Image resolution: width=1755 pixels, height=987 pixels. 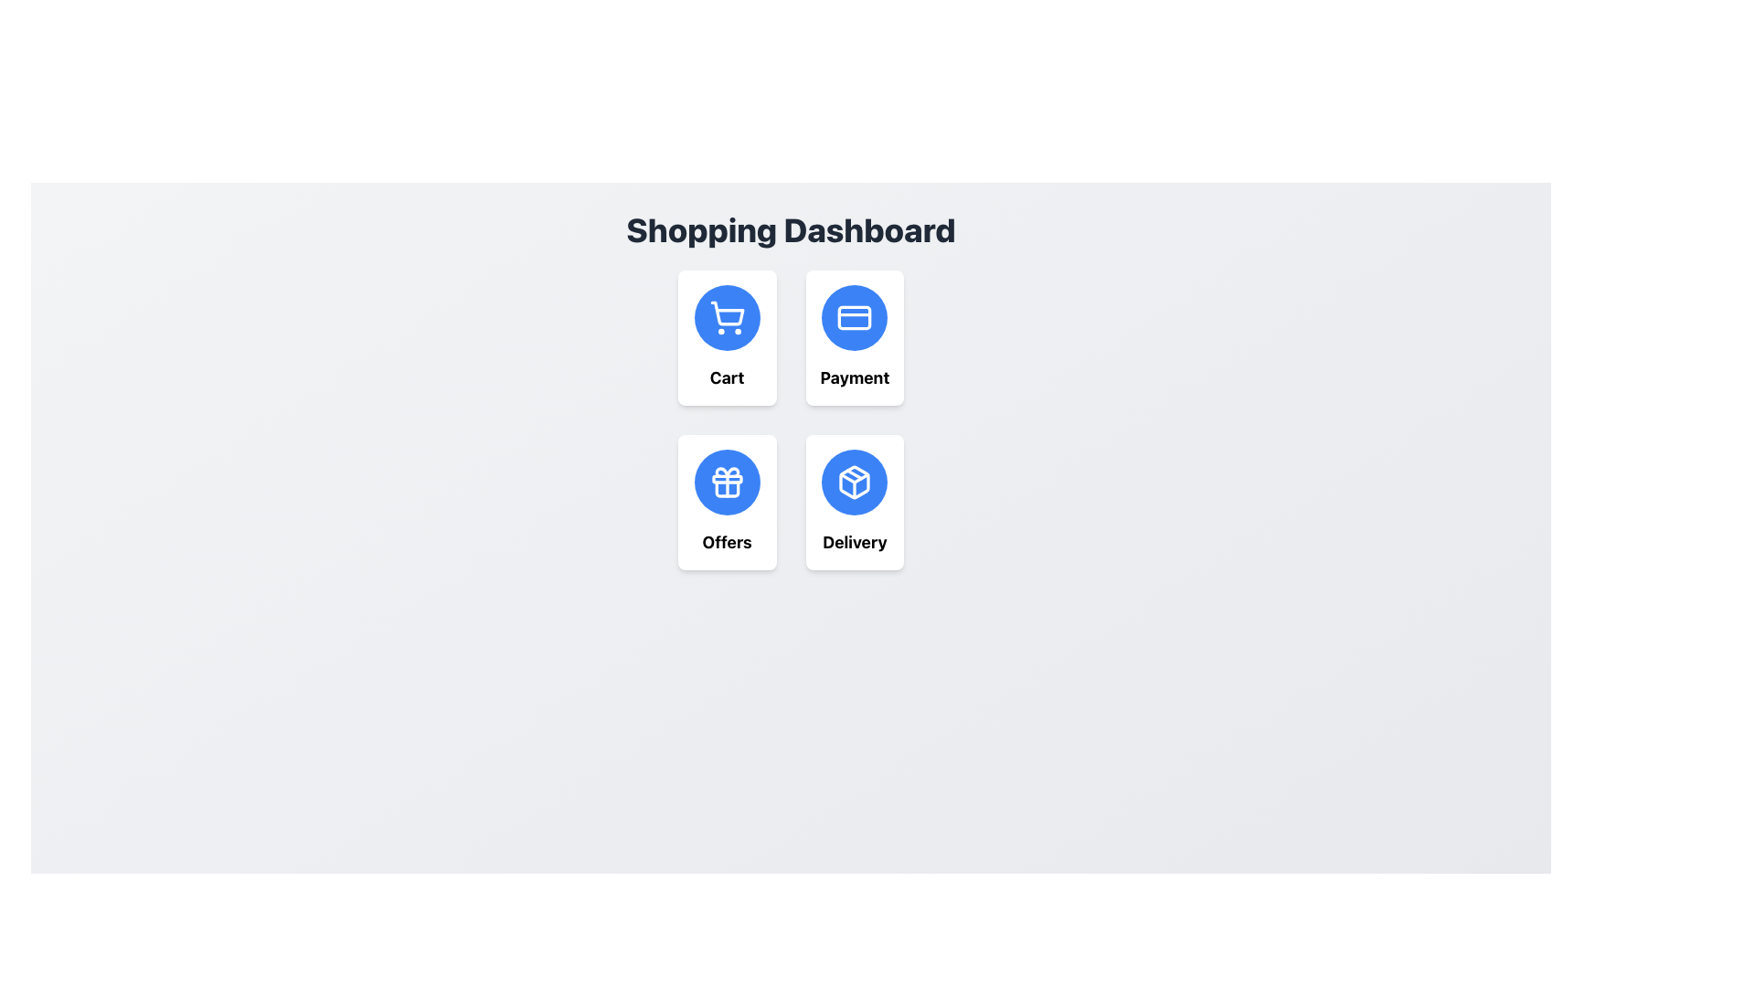 What do you see at coordinates (726, 338) in the screenshot?
I see `the Card Component featuring a blue circular icon with a white shopping cart and the label 'Cart' in bold, uppercase text` at bounding box center [726, 338].